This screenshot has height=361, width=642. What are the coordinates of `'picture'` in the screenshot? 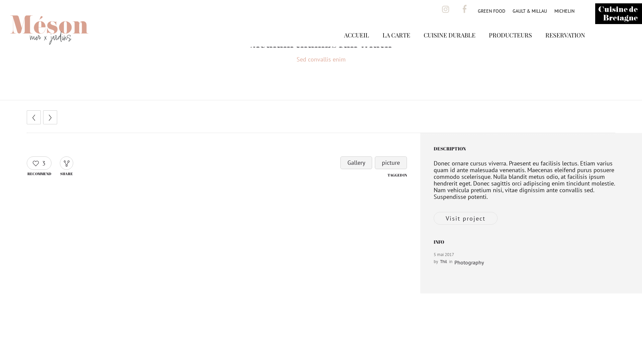 It's located at (391, 162).